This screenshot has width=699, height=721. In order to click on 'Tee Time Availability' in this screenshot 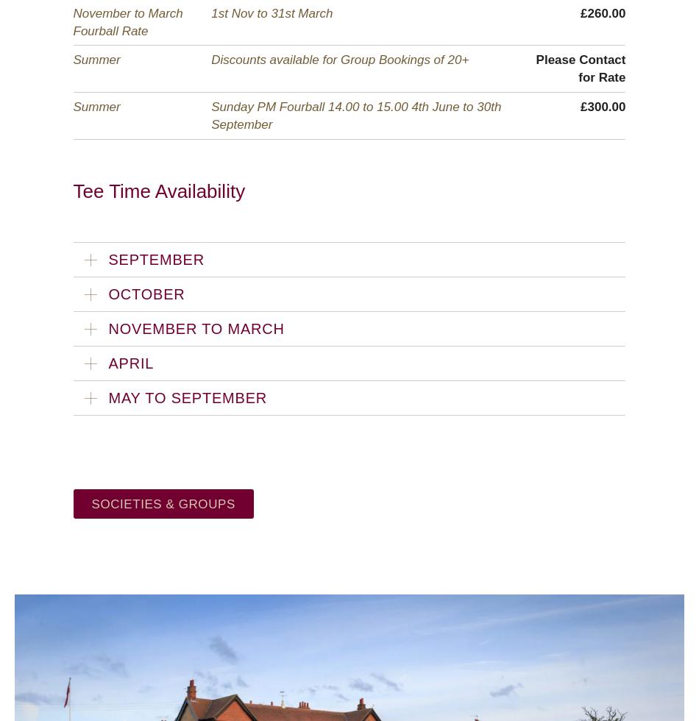, I will do `click(159, 191)`.